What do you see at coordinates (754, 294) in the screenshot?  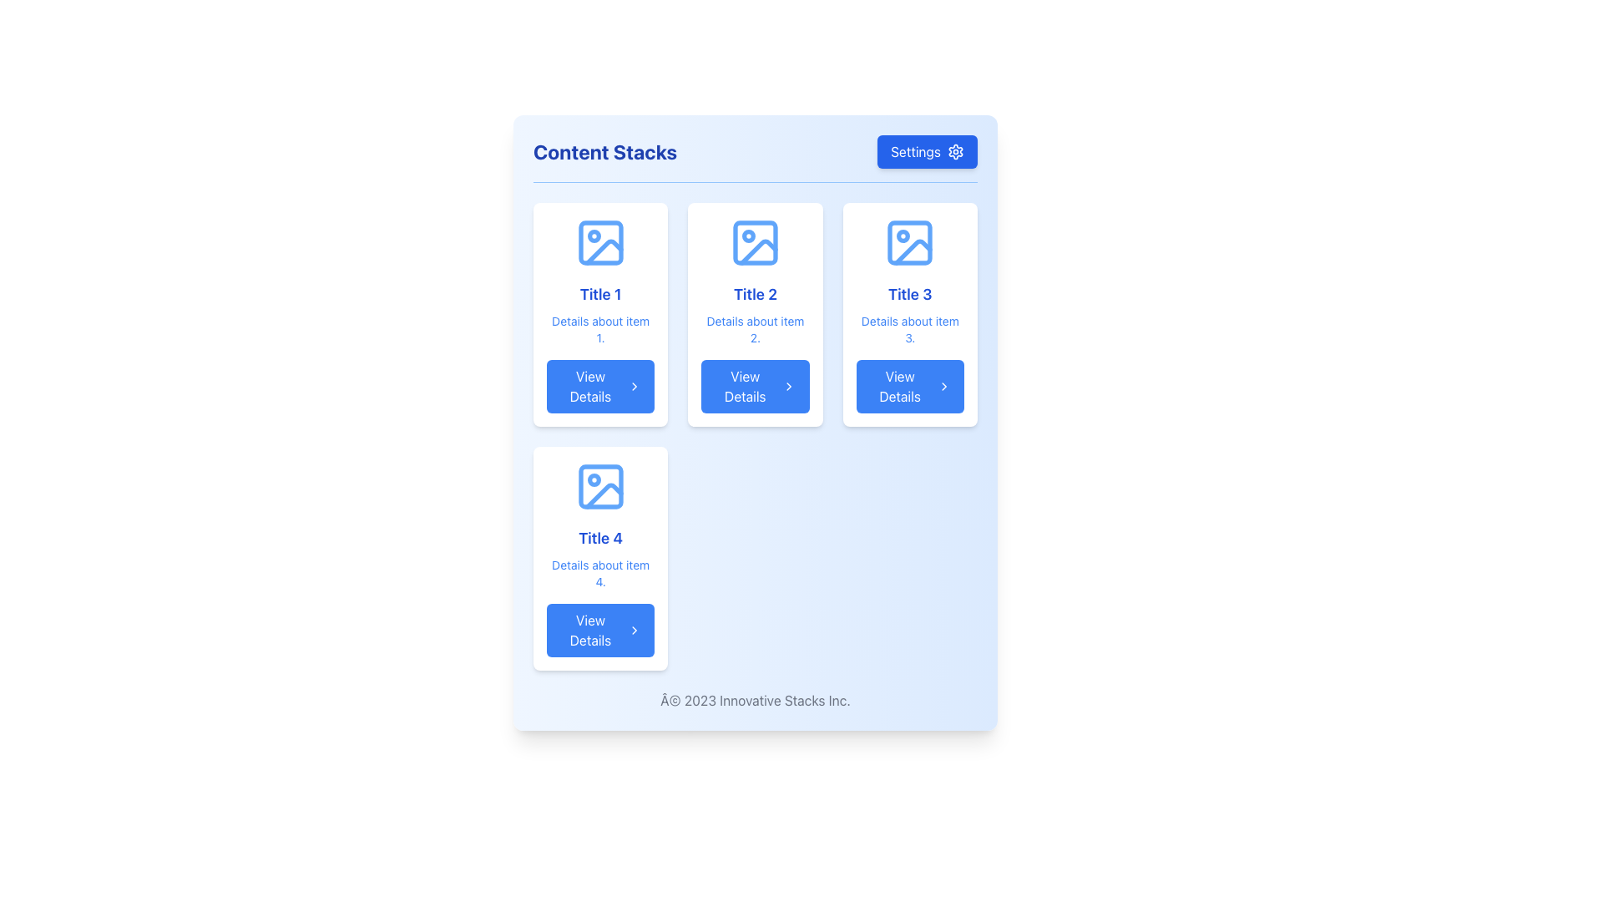 I see `descriptive heading text located in the second card from the left in the top row of the grid layout, positioned just underneath an icon and above the description 'Details about item 2.'` at bounding box center [754, 294].